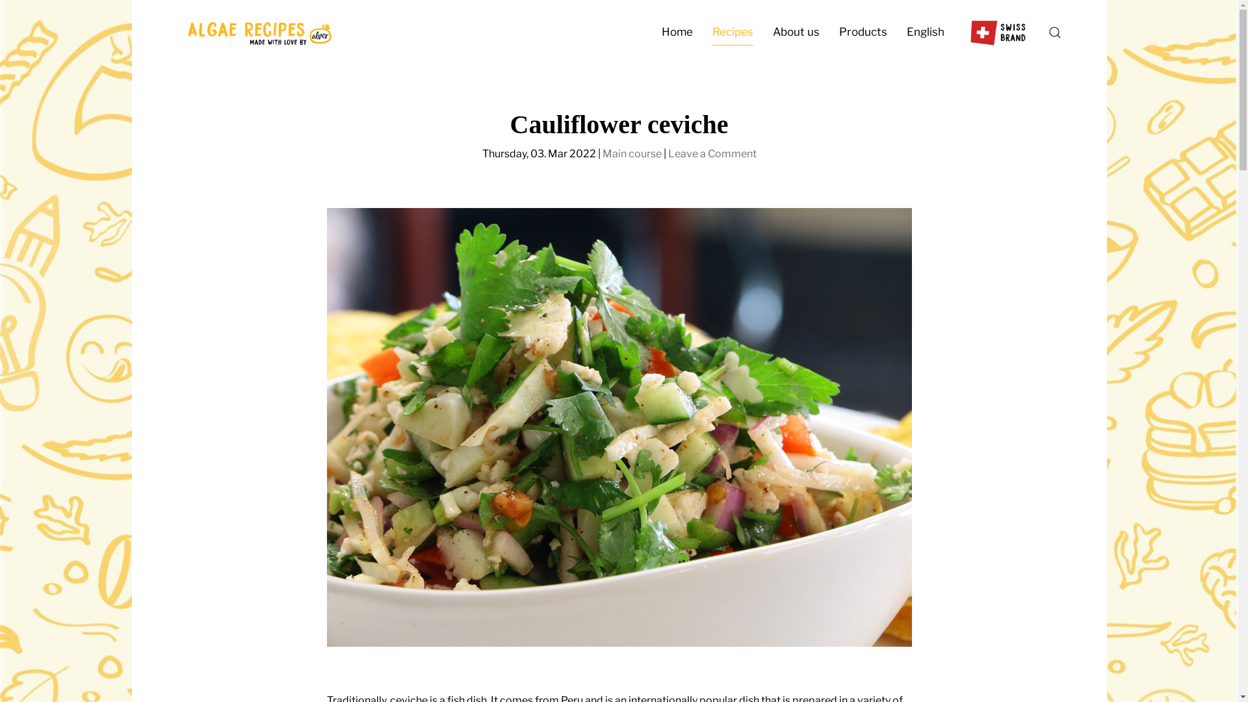  I want to click on 'About us', so click(795, 32).